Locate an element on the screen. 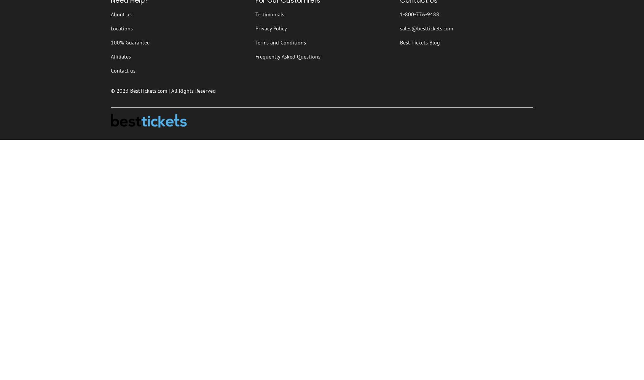 The image size is (644, 380). 'Privacy Policy' is located at coordinates (255, 28).